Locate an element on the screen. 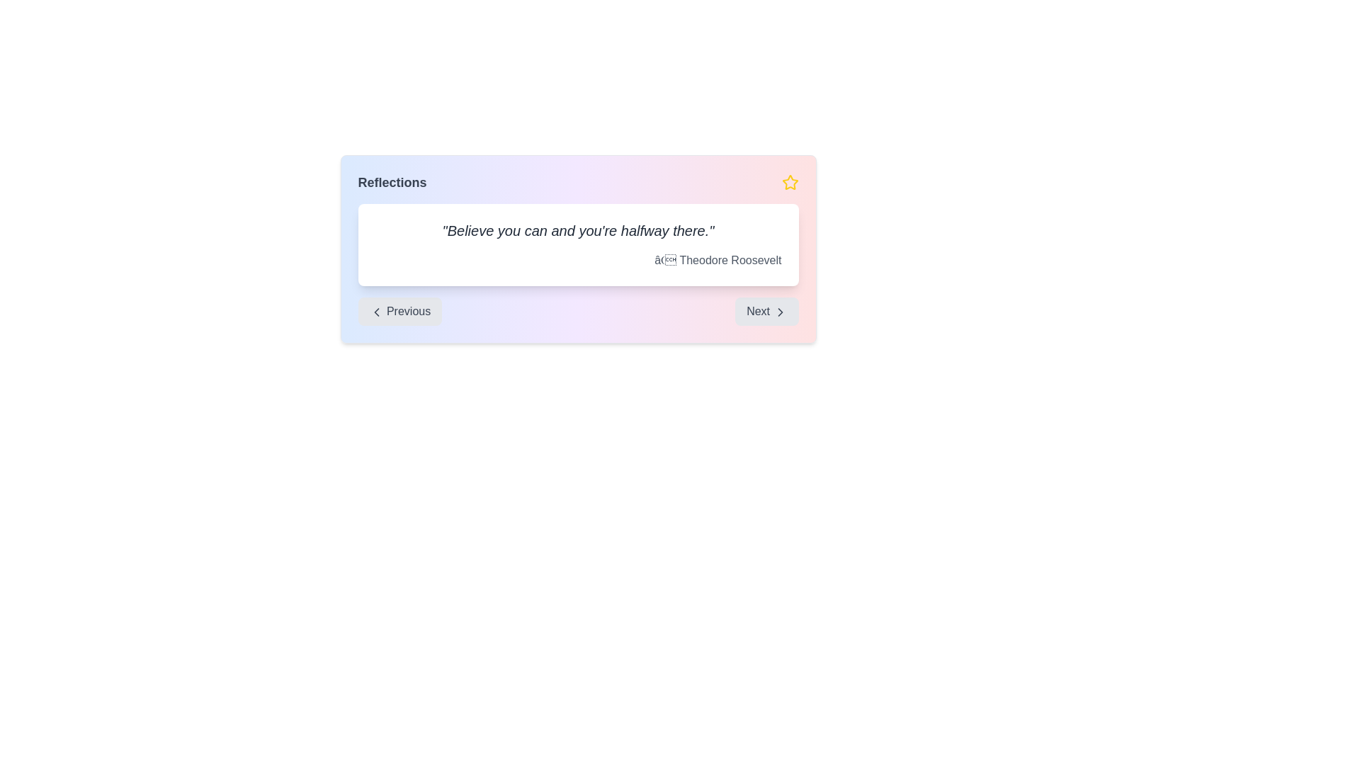  the favorite status icon located at the top right corner of the card-like section to interact with it is located at coordinates (789, 181).